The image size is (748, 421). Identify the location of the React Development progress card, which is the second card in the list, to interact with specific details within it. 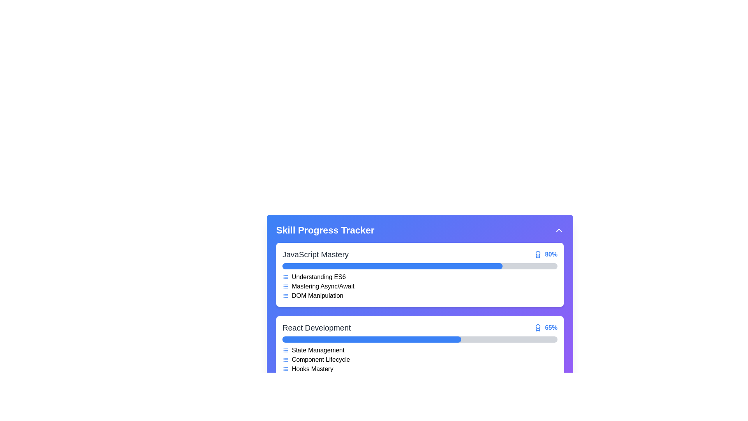
(420, 348).